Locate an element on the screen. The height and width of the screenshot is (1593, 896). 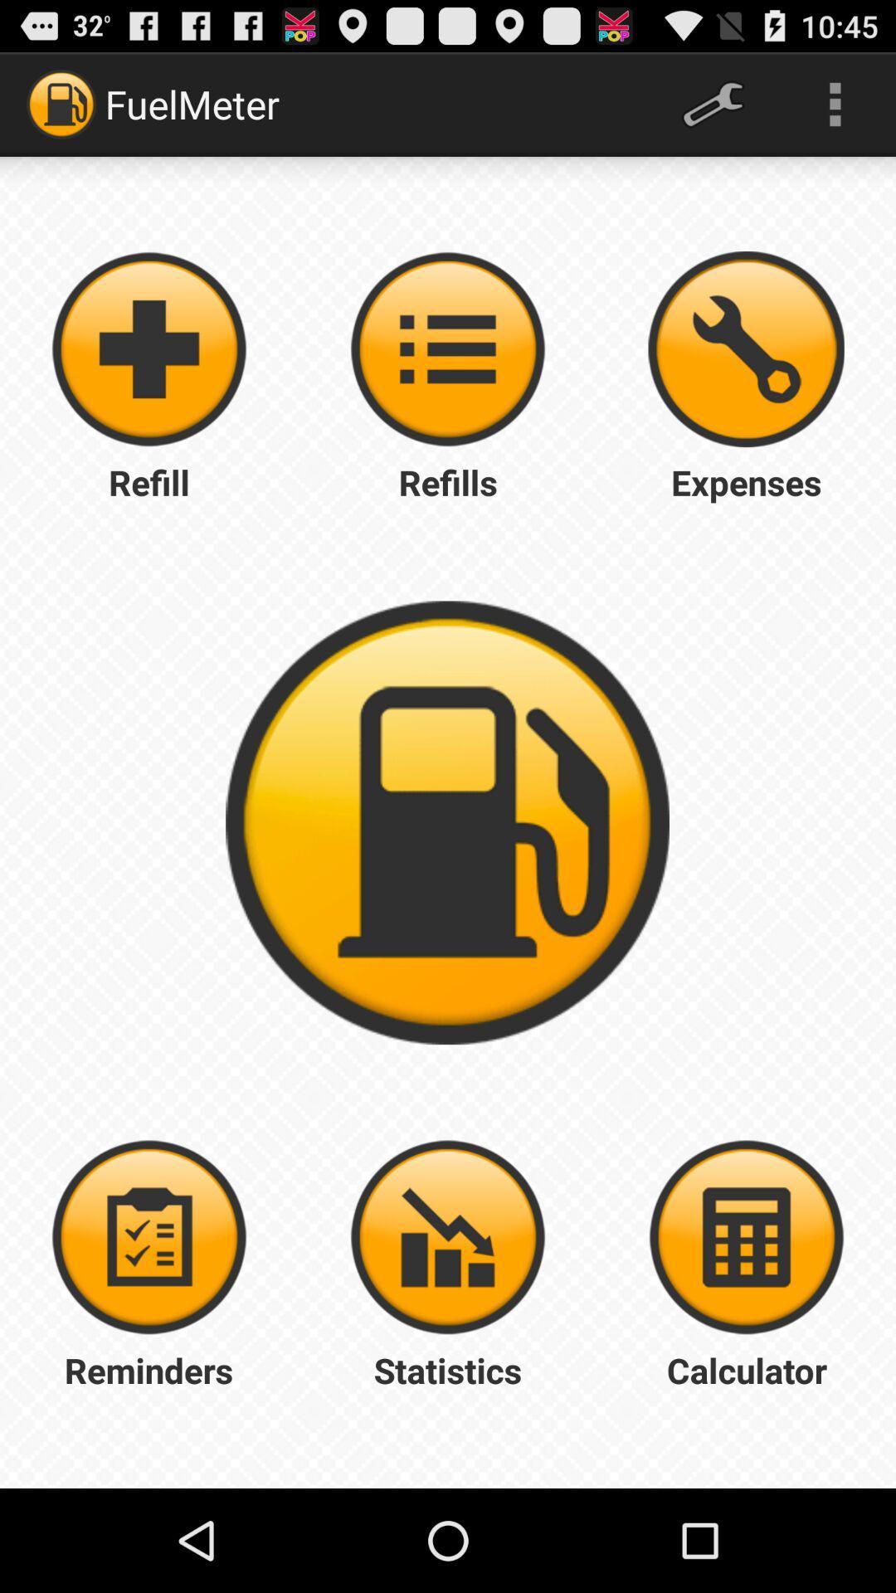
the app above the statistics icon is located at coordinates (448, 1237).